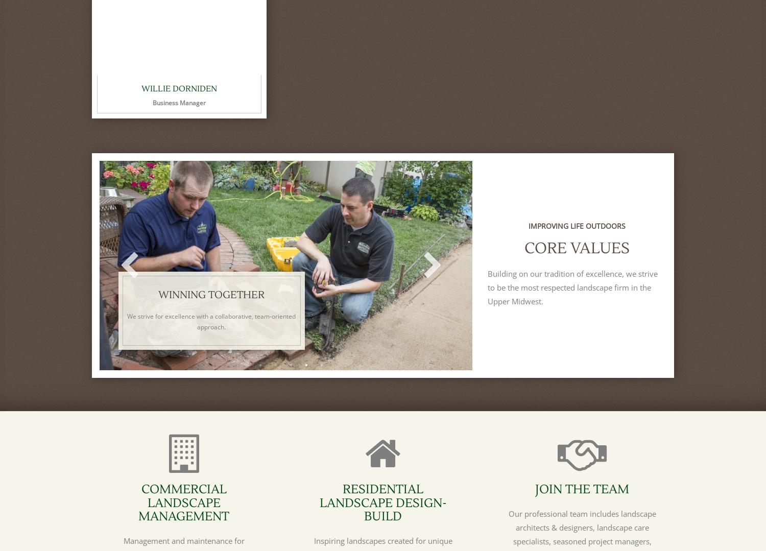 This screenshot has height=551, width=766. I want to click on 'We set the standard for excellence in our industry.', so click(584, 326).